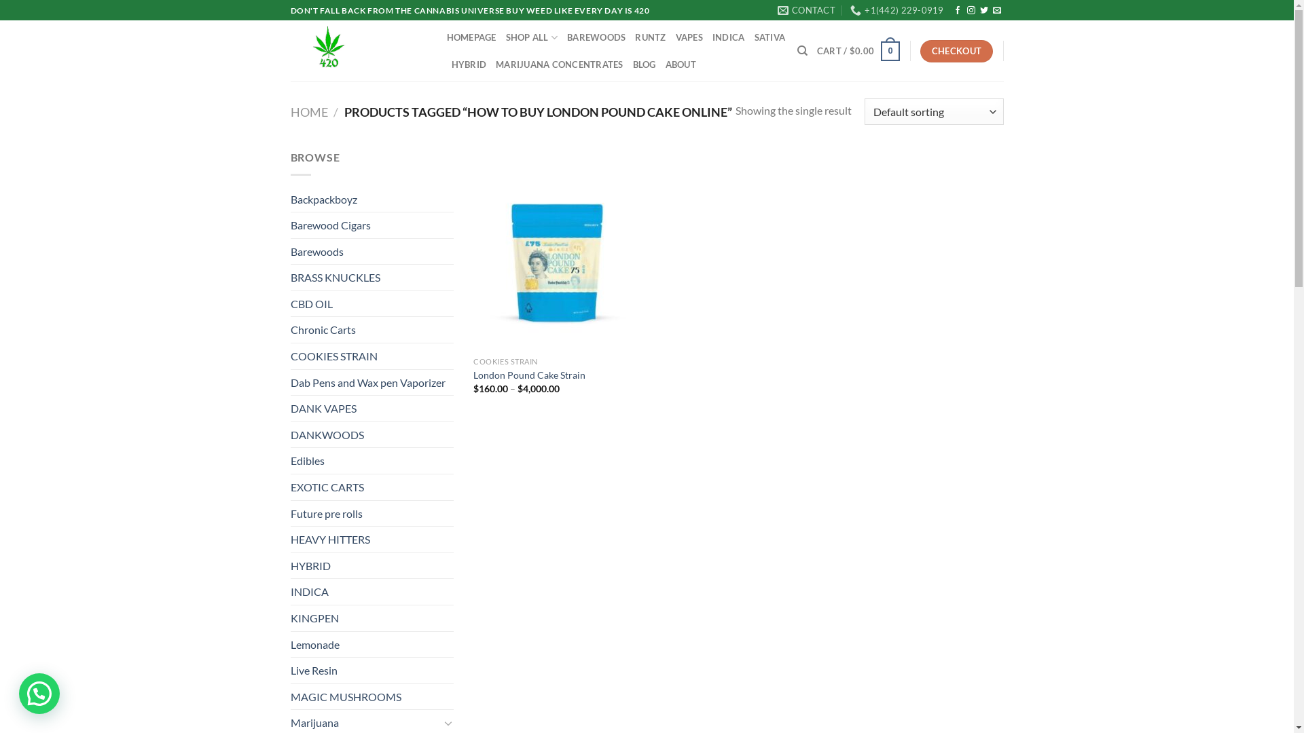 The width and height of the screenshot is (1304, 733). I want to click on 'CONTACT', so click(778, 10).